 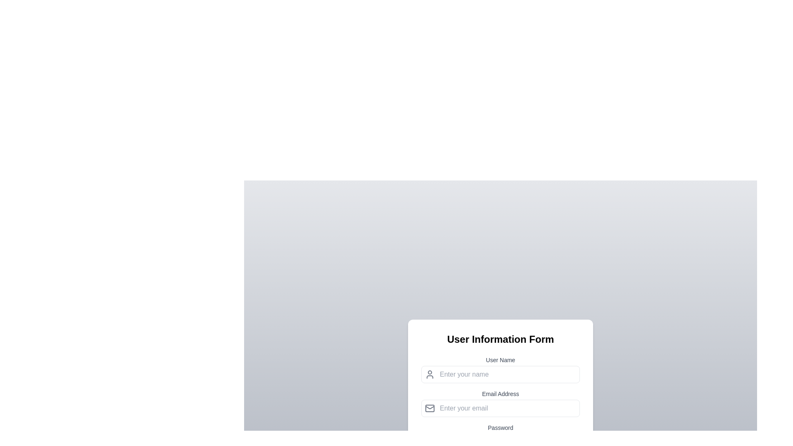 What do you see at coordinates (500, 339) in the screenshot?
I see `the centered heading titled 'User Information Form', which is styled in a larger bold font and located within a white card above the user input fields` at bounding box center [500, 339].